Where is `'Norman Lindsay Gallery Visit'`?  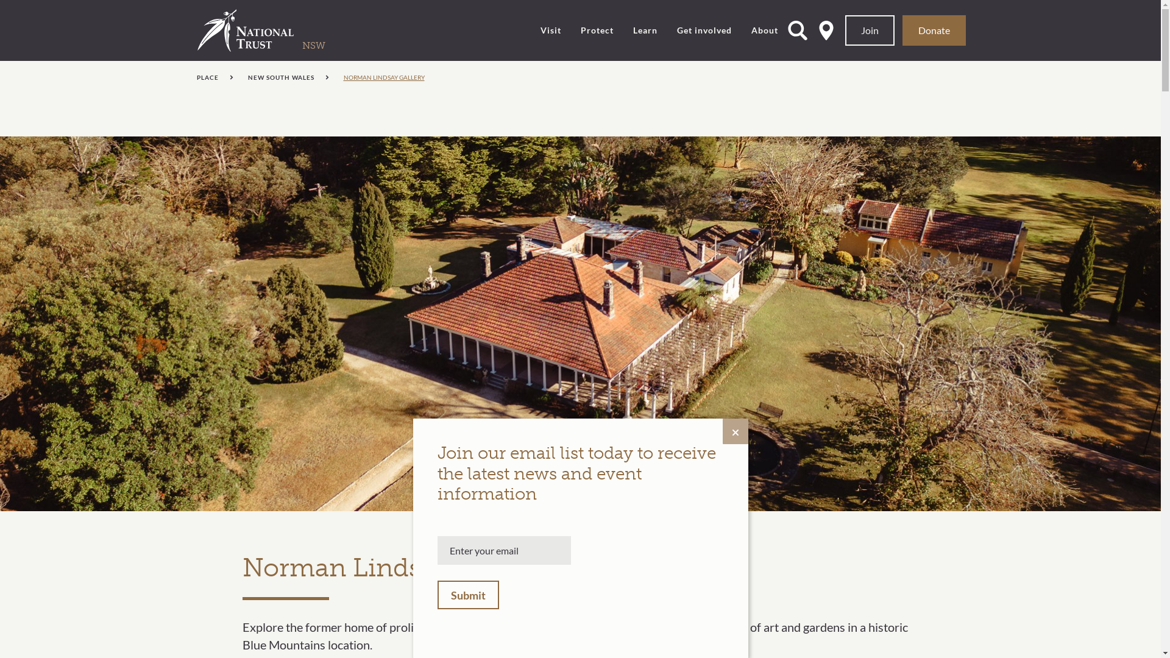
'Norman Lindsay Gallery Visit' is located at coordinates (580, 323).